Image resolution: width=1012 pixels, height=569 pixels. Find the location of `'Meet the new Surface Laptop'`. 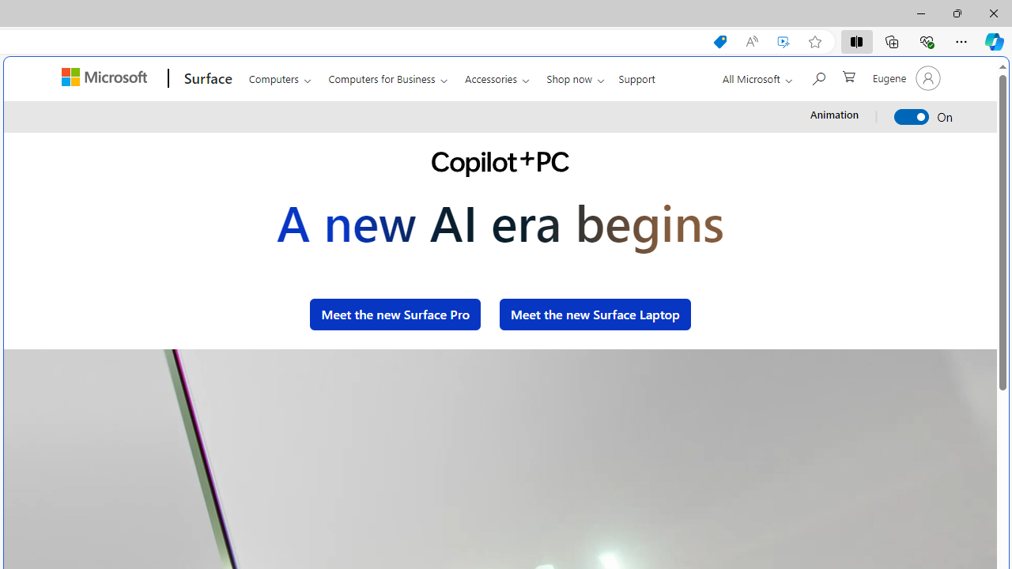

'Meet the new Surface Laptop' is located at coordinates (595, 314).